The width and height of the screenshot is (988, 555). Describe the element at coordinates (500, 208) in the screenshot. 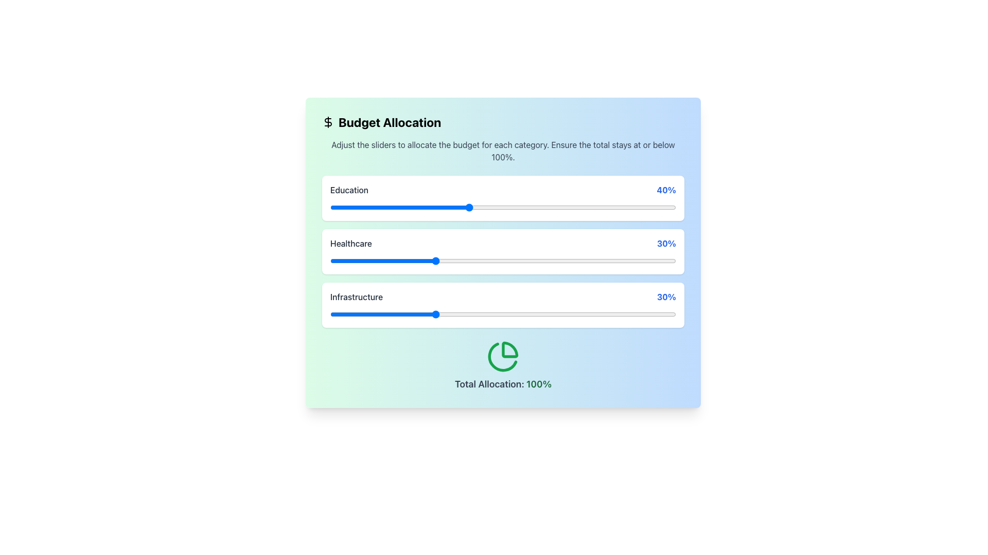

I see `the Education allocation slider` at that location.